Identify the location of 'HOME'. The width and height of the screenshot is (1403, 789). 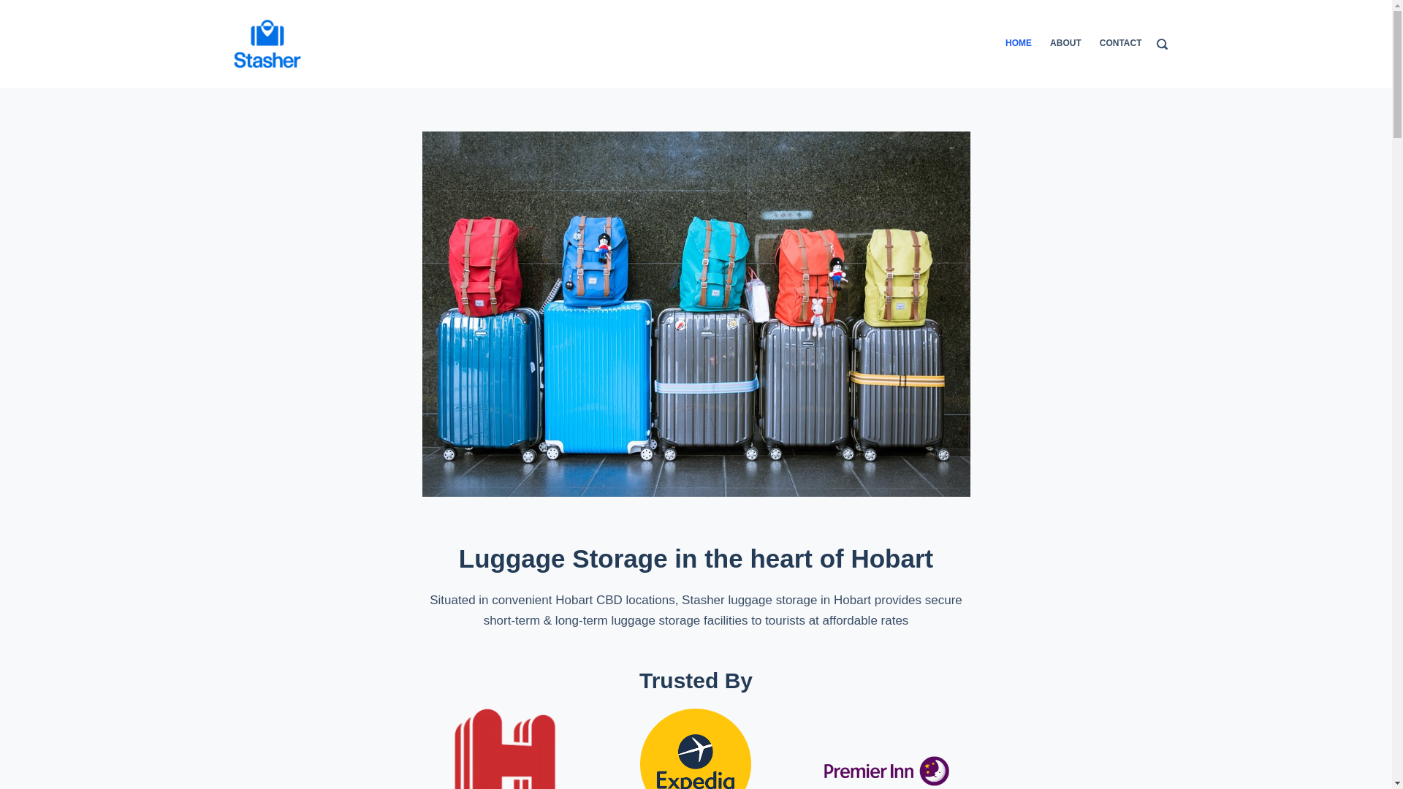
(1005, 43).